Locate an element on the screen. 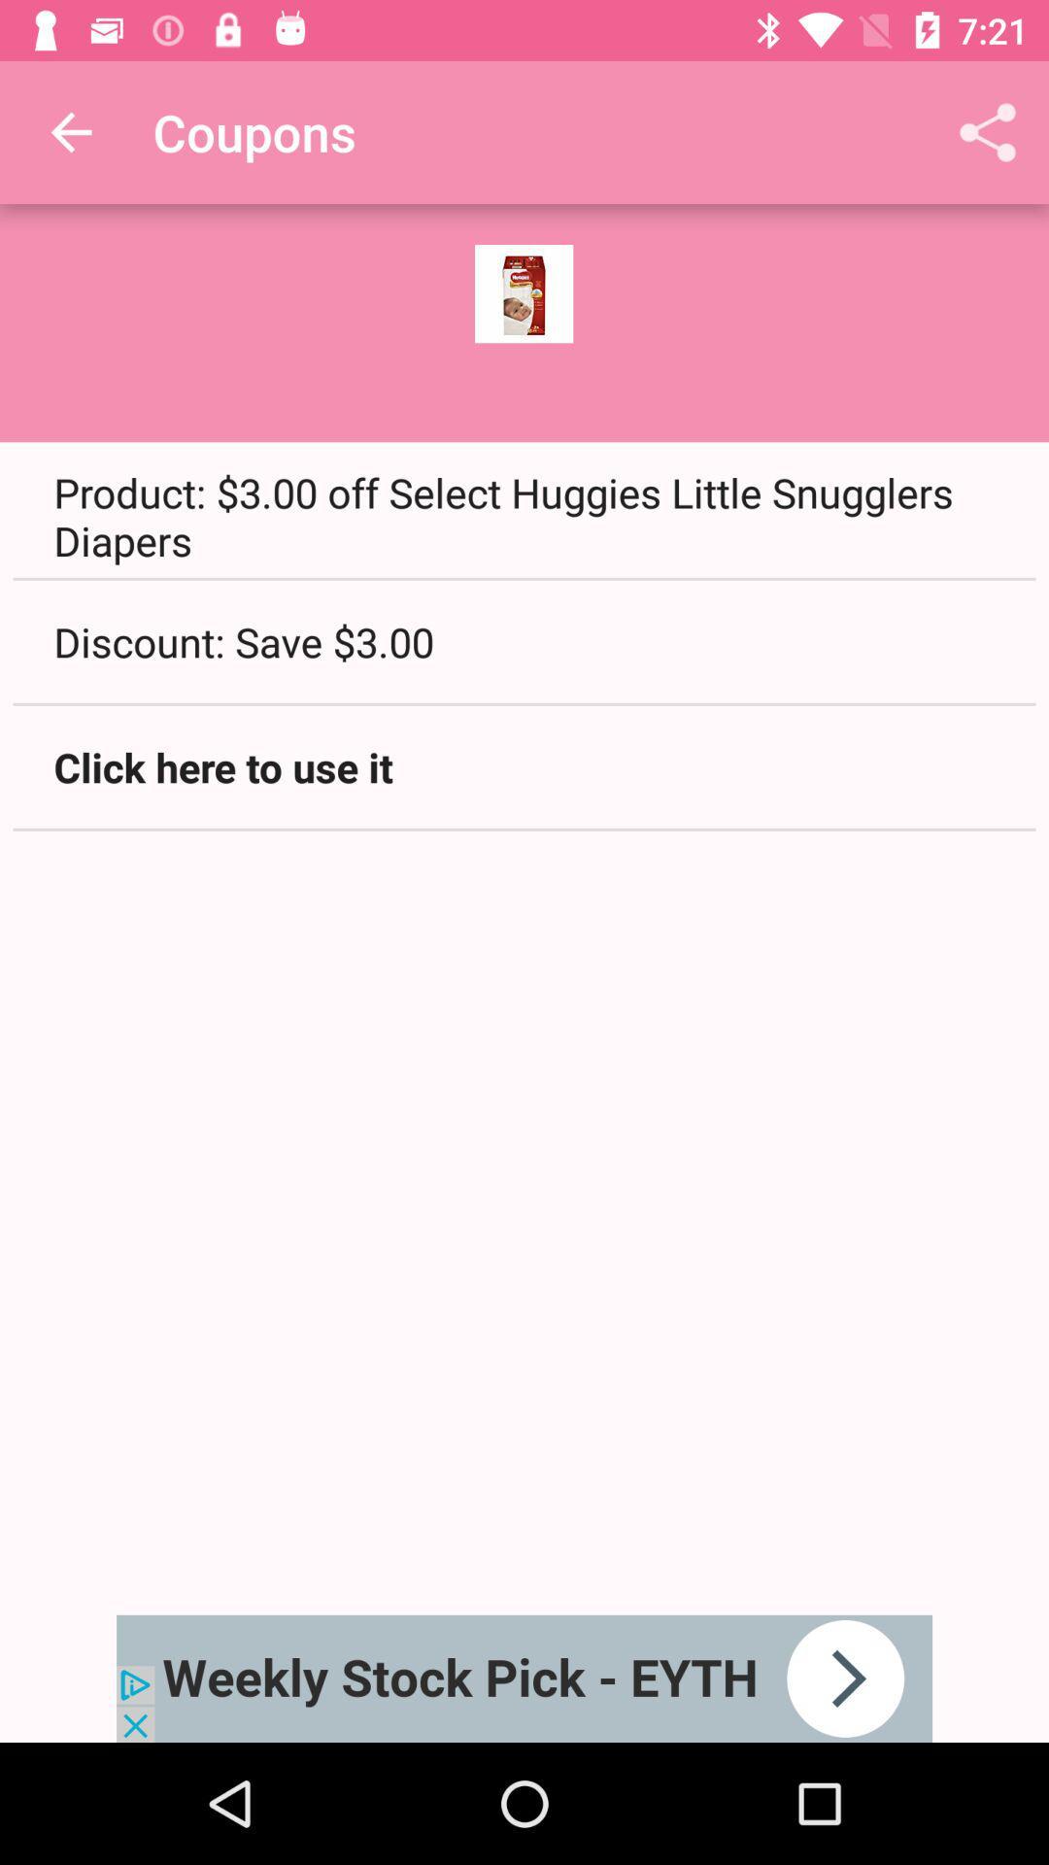 The height and width of the screenshot is (1865, 1049). the advertisement is located at coordinates (524, 1678).